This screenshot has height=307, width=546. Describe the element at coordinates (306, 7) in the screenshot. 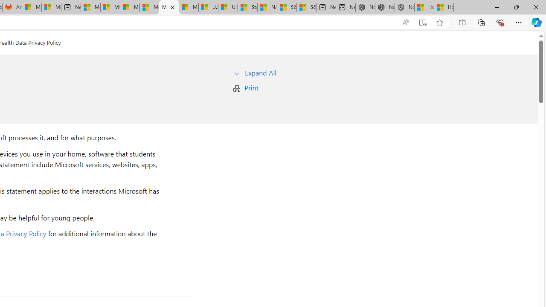

I see `'S&P 500, Nasdaq end lower, weighed by Nvidia dip | Watch'` at that location.